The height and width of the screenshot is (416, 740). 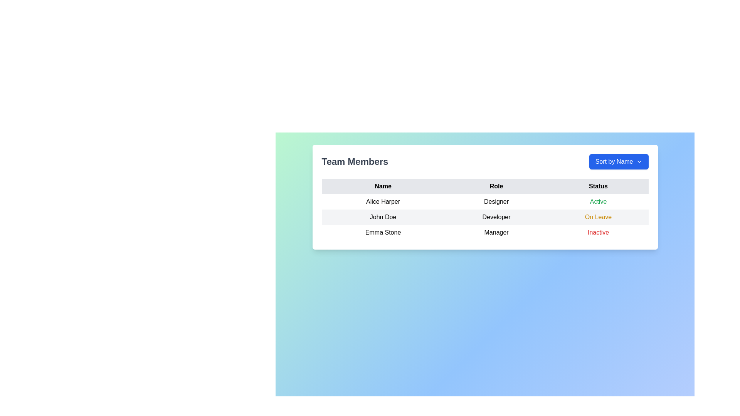 I want to click on the second row in the table containing 'John Doe', 'Developer', and 'On Leave', so click(x=484, y=217).